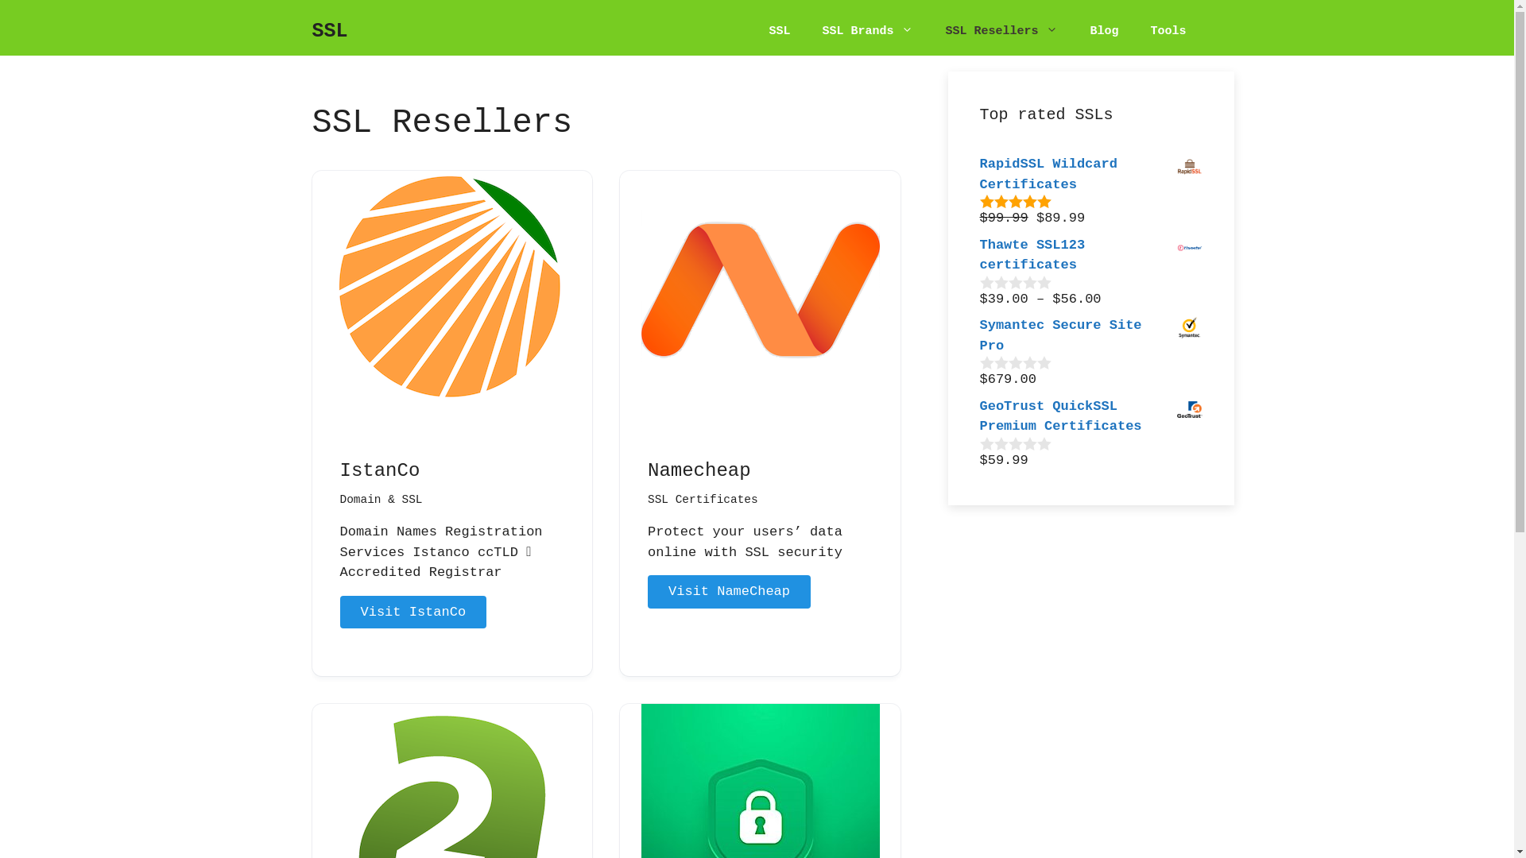 This screenshot has height=858, width=1526. I want to click on 'RapidSSL Wildcard Certificates', so click(1090, 174).